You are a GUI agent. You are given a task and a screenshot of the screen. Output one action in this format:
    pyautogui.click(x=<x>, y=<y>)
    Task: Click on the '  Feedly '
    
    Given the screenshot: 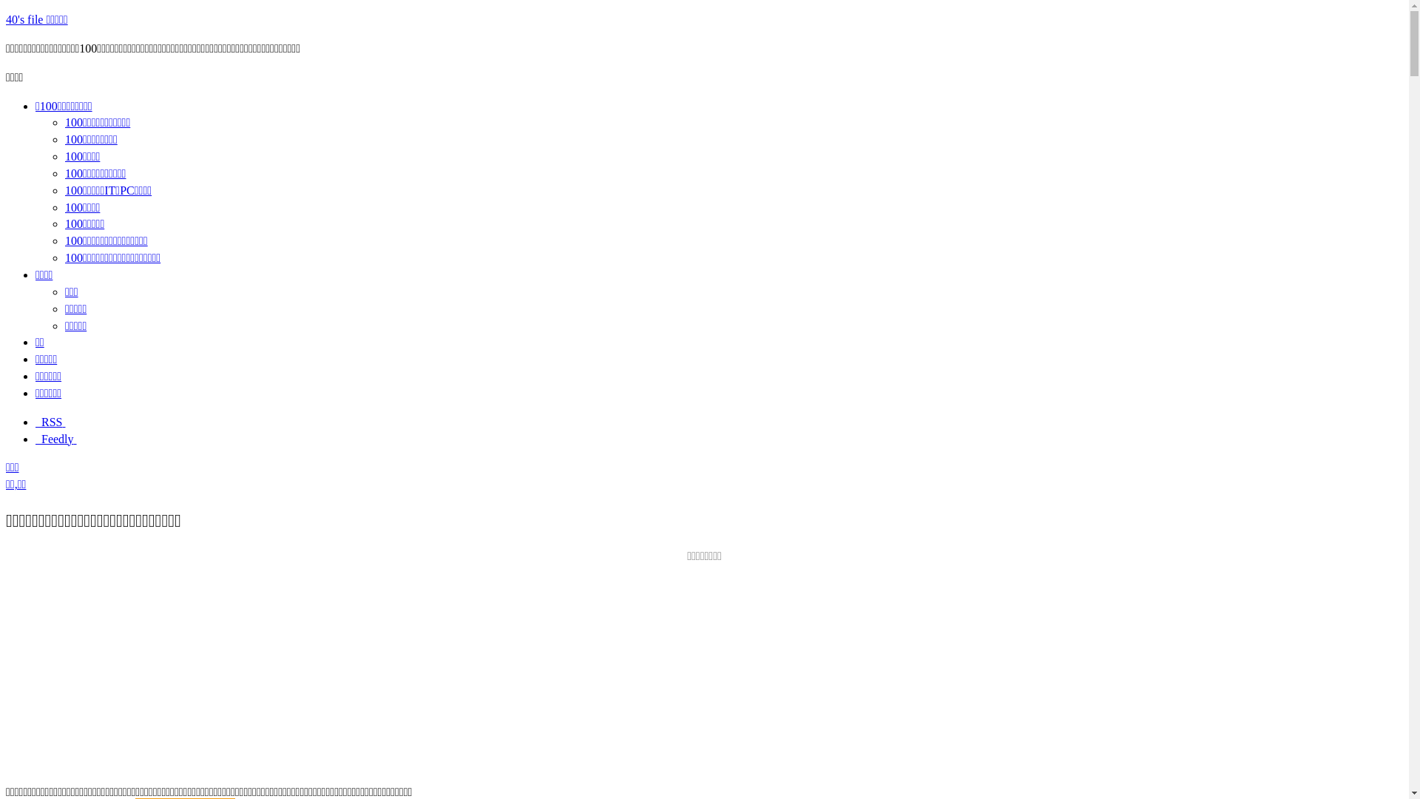 What is the action you would take?
    pyautogui.click(x=56, y=438)
    